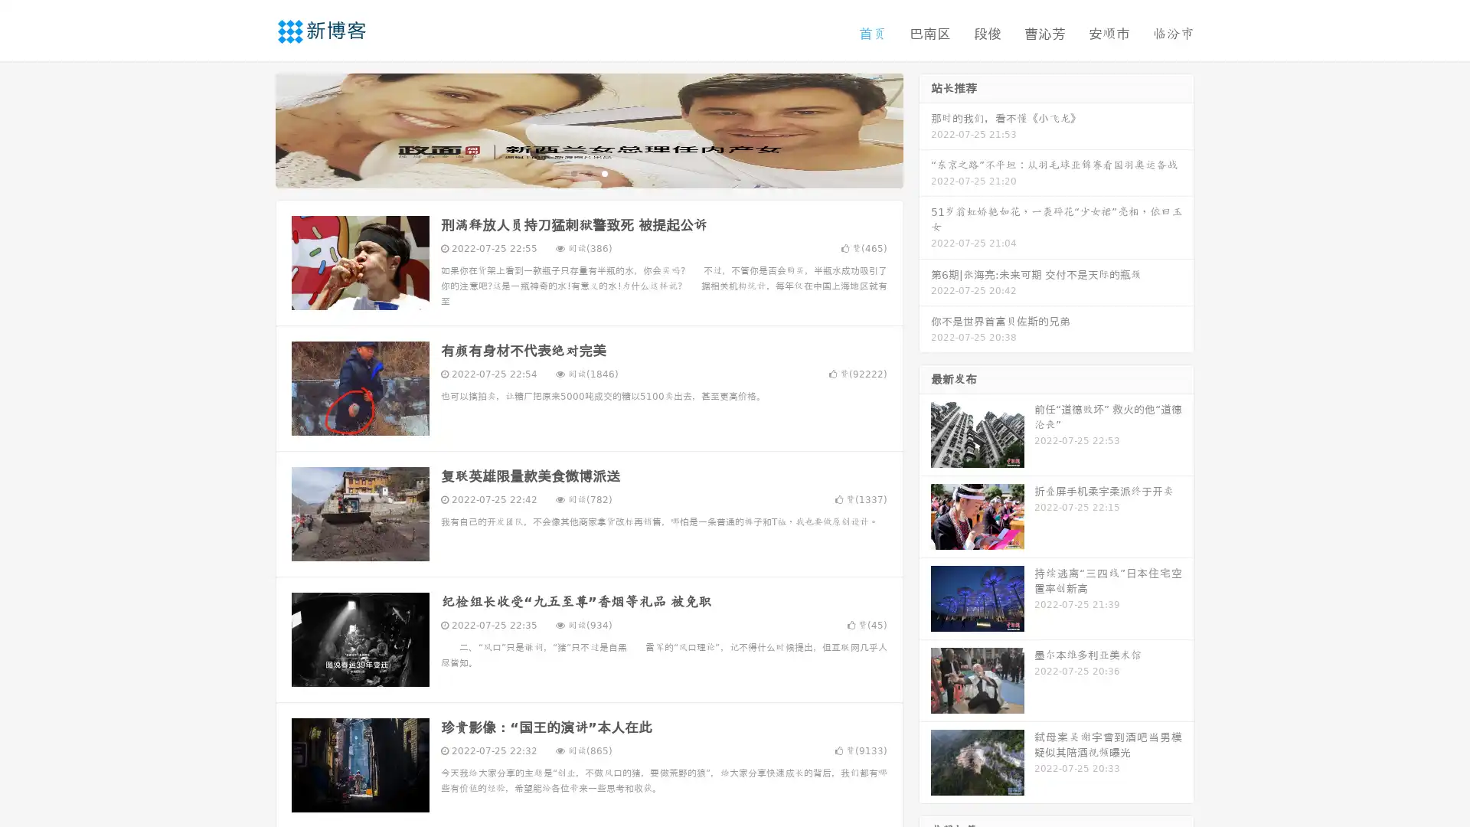 The image size is (1470, 827). Describe the element at coordinates (925, 129) in the screenshot. I see `Next slide` at that location.